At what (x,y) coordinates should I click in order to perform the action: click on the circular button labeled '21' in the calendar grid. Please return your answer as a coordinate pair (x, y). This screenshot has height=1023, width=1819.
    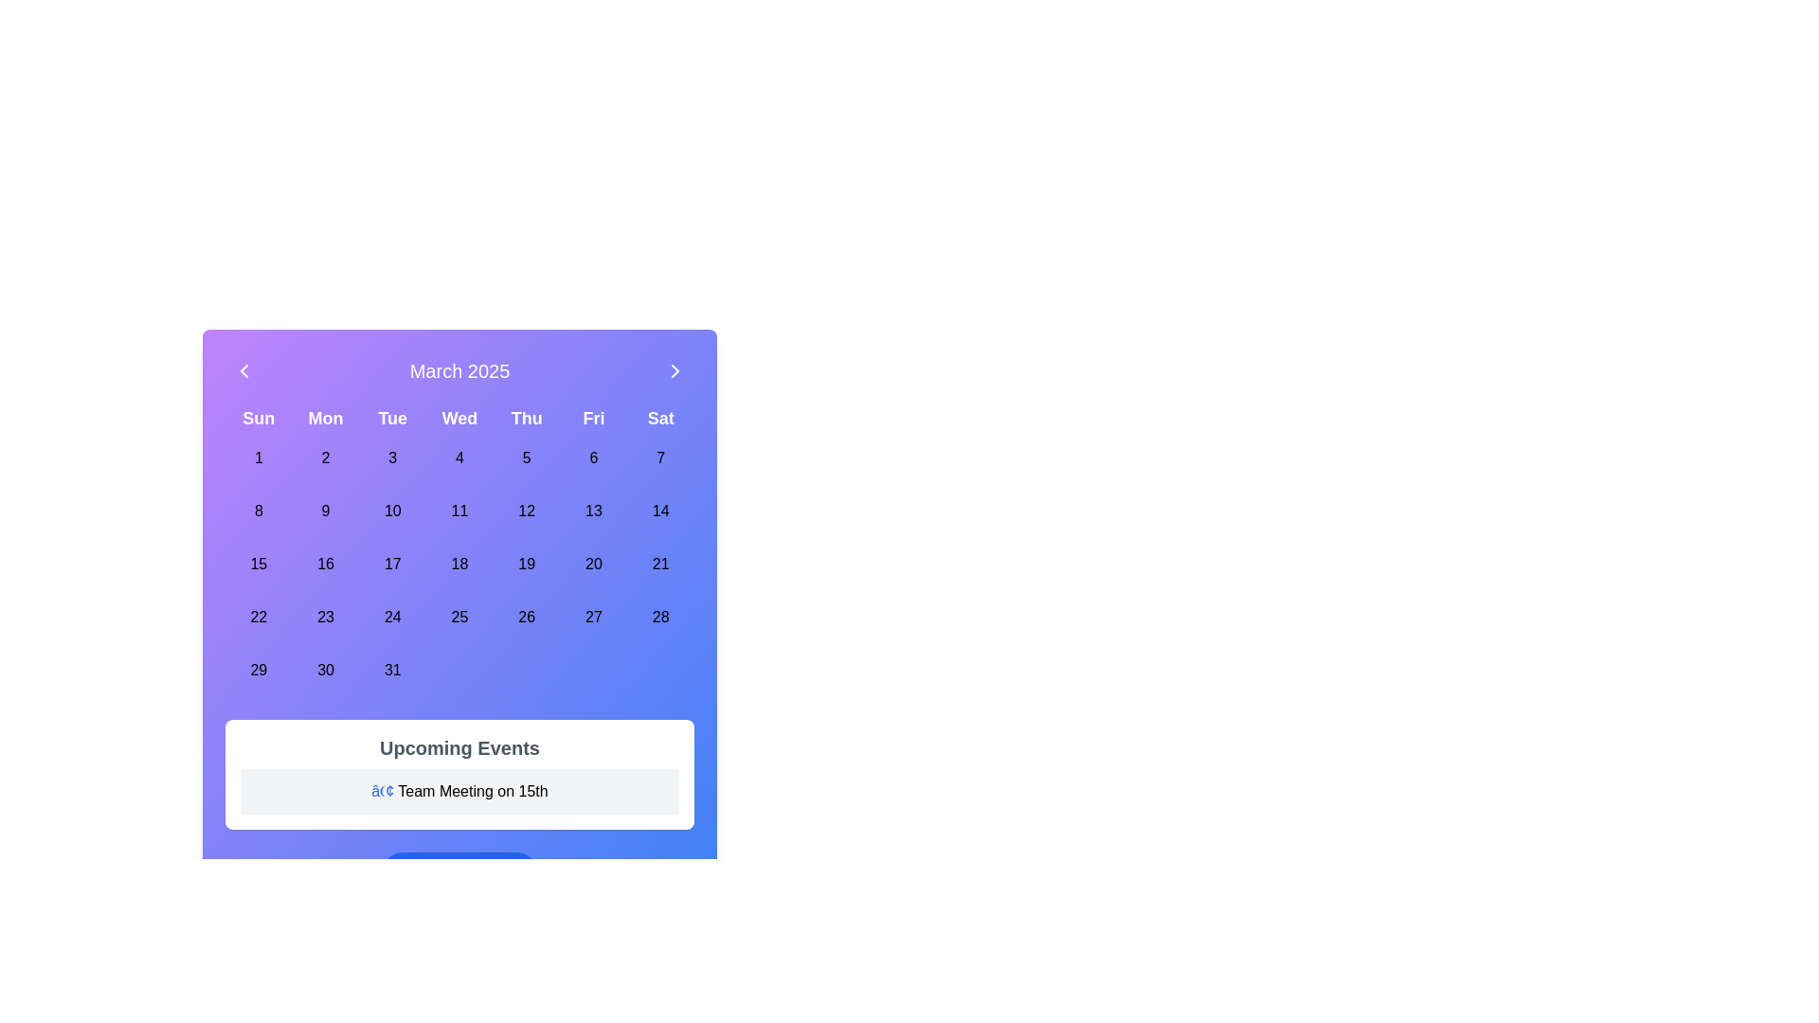
    Looking at the image, I should click on (660, 564).